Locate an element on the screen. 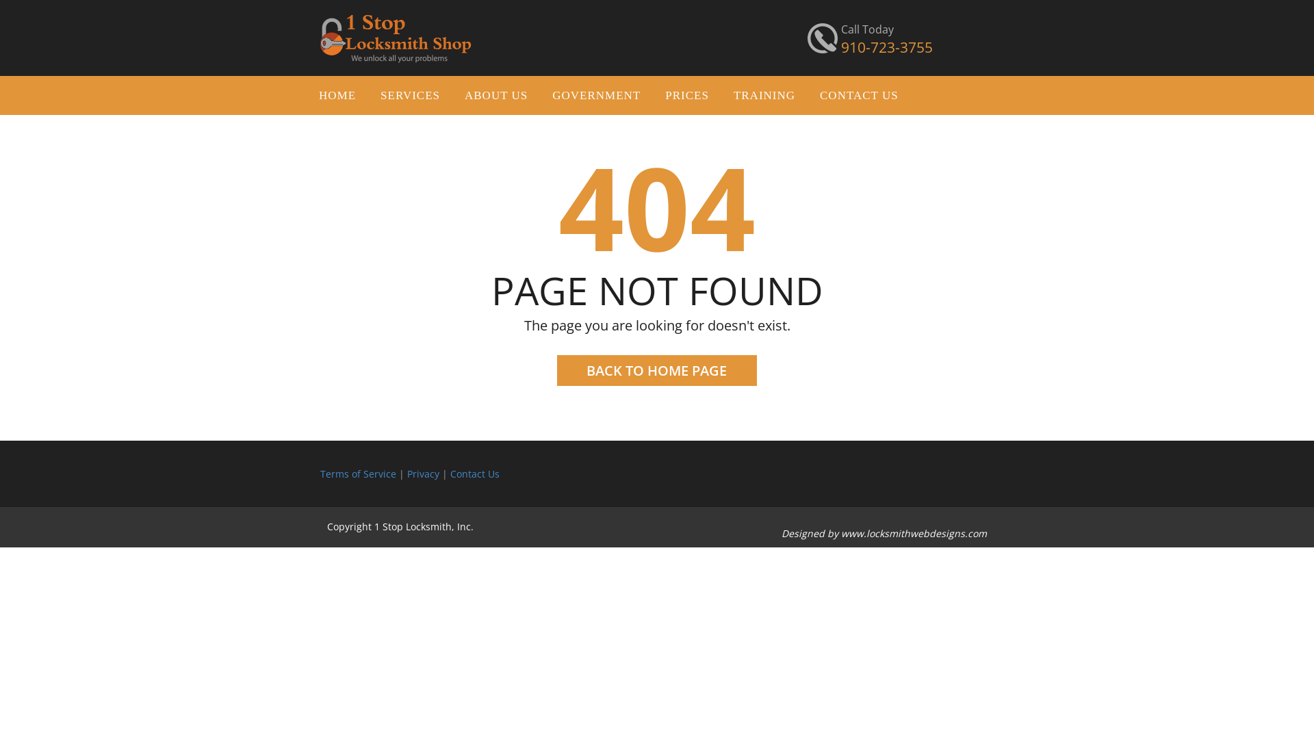  'GOVERNMENT' is located at coordinates (539, 94).